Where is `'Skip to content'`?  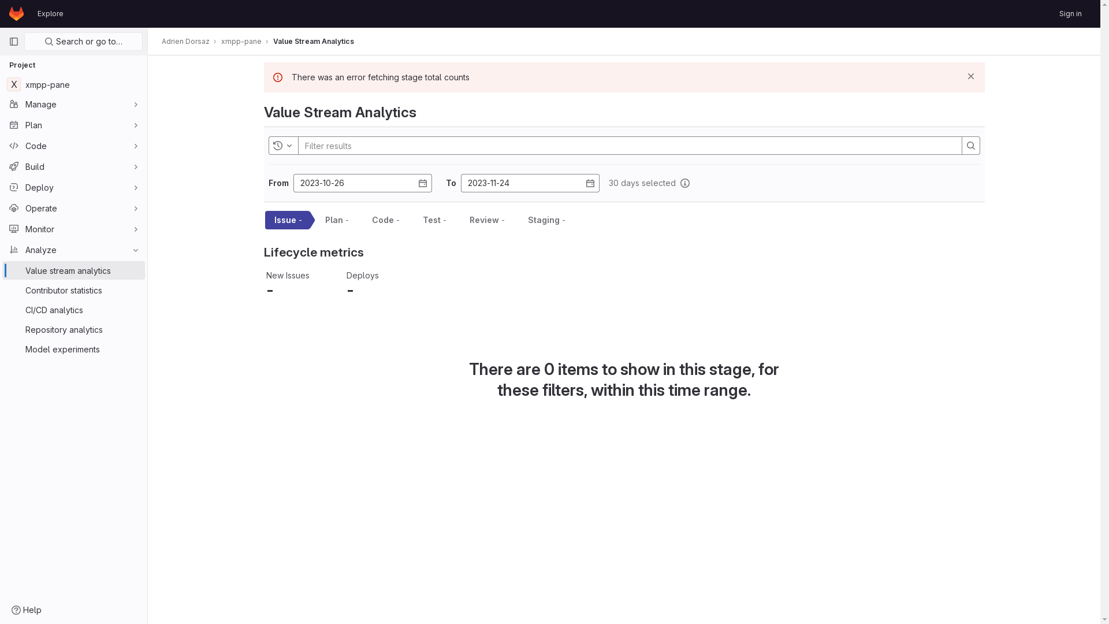 'Skip to content' is located at coordinates (9, 14).